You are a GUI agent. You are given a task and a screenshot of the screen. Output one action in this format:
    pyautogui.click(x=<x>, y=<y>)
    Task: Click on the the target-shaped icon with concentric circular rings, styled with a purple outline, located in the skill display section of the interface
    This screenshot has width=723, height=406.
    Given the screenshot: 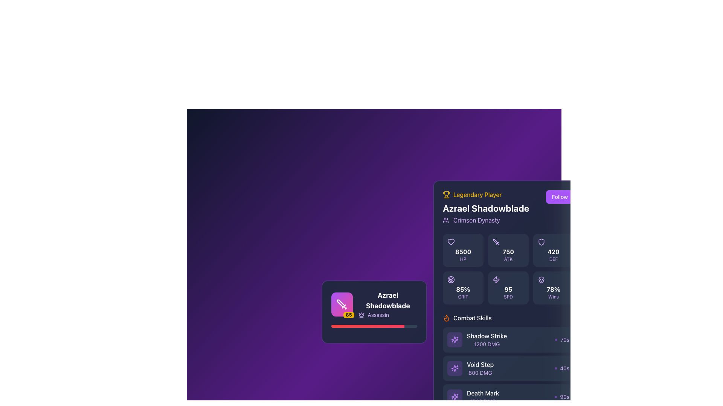 What is the action you would take?
    pyautogui.click(x=451, y=280)
    